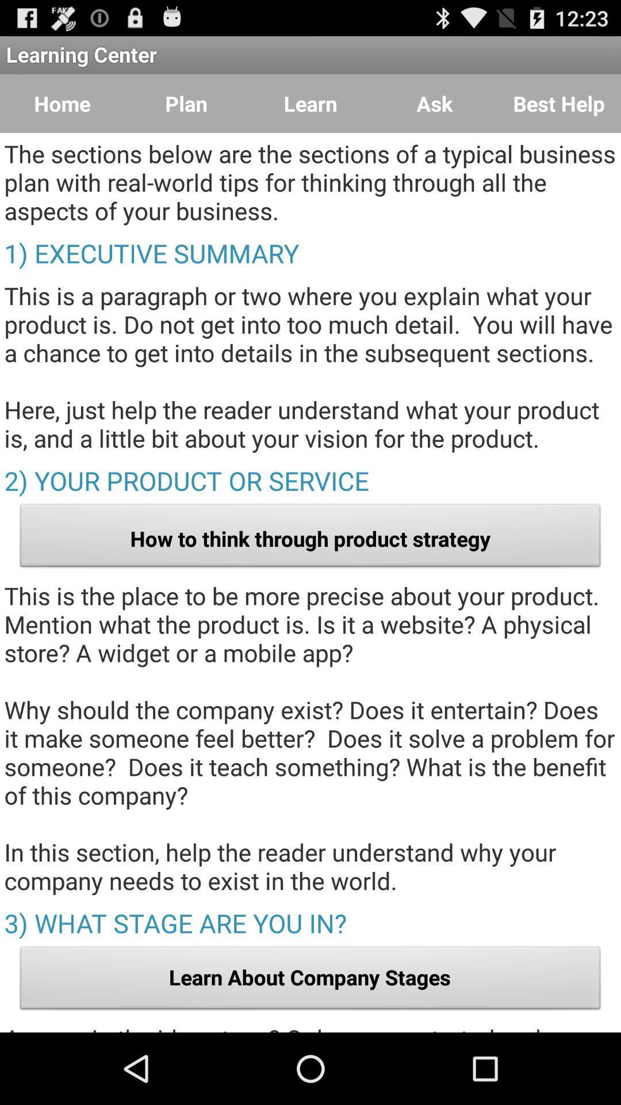 The width and height of the screenshot is (621, 1105). What do you see at coordinates (435, 104) in the screenshot?
I see `ask which is next to learn` at bounding box center [435, 104].